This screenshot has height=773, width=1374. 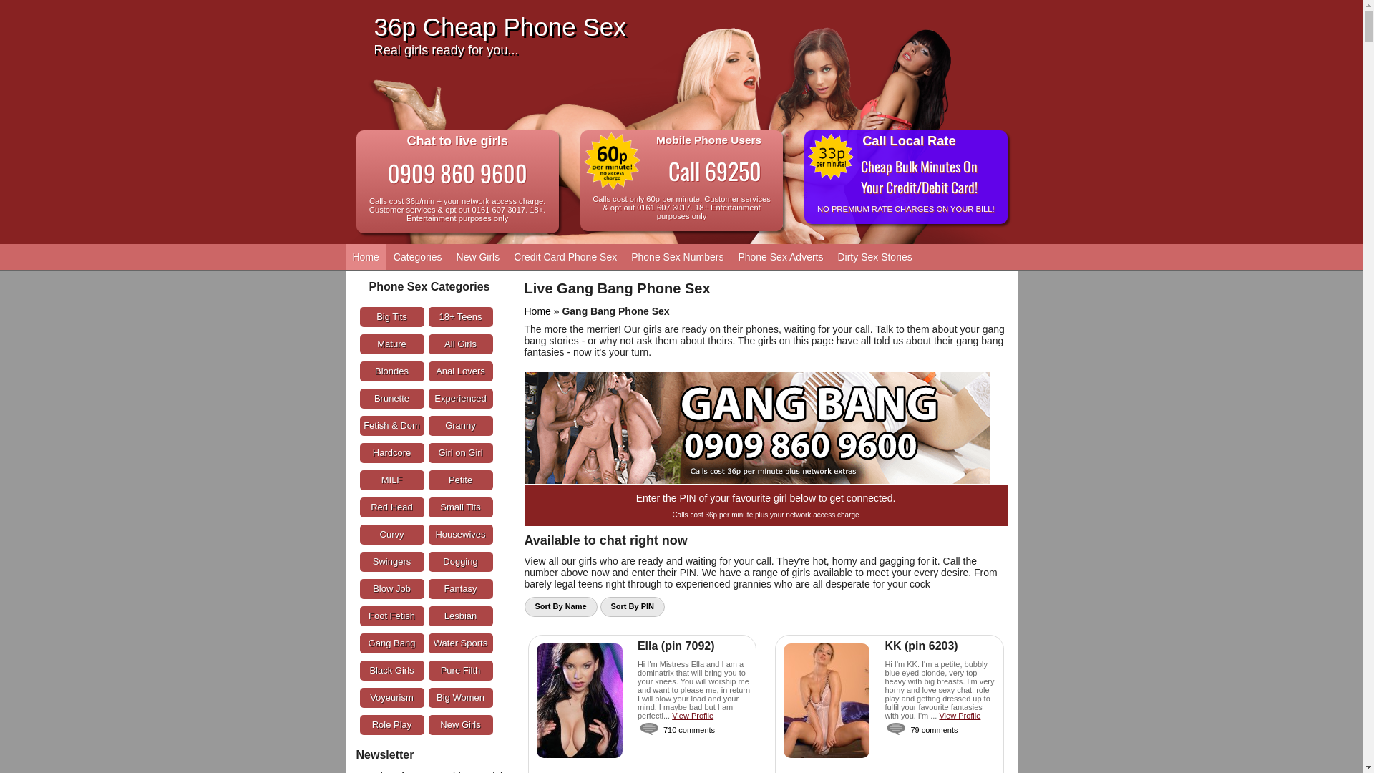 I want to click on 'MILF', so click(x=391, y=480).